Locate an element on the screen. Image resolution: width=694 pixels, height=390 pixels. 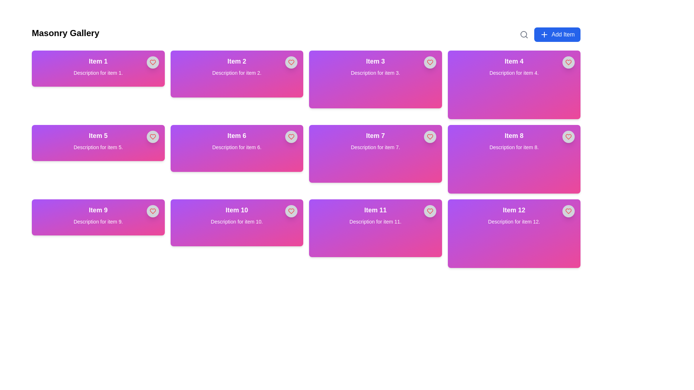
the heart-shaped outline icon in the header section of the card labeled 'Item 11' is located at coordinates (430, 211).